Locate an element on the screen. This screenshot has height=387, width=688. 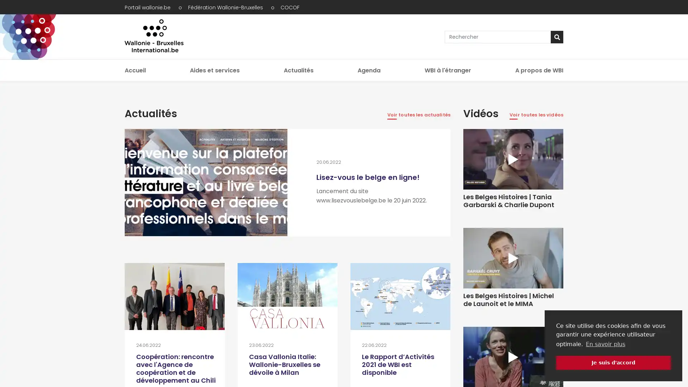
dismiss cookie message is located at coordinates (613, 362).